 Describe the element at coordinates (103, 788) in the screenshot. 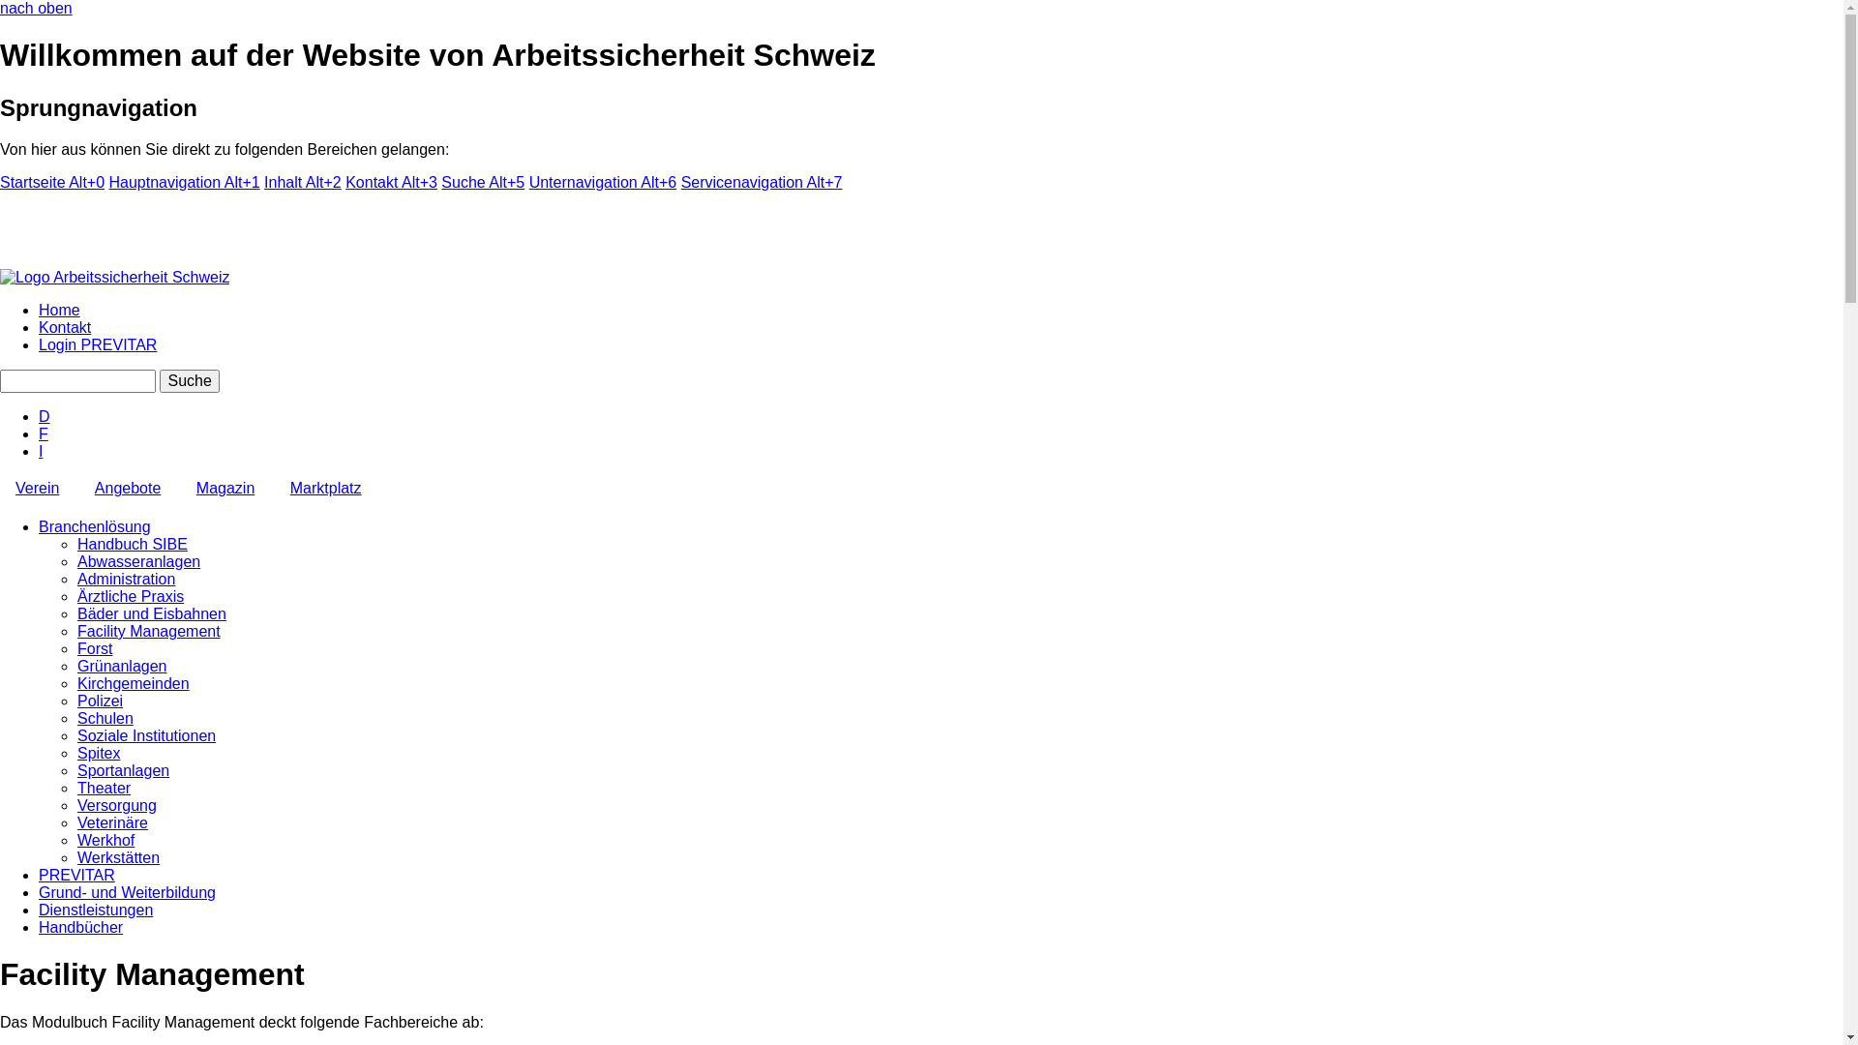

I see `'Theater'` at that location.